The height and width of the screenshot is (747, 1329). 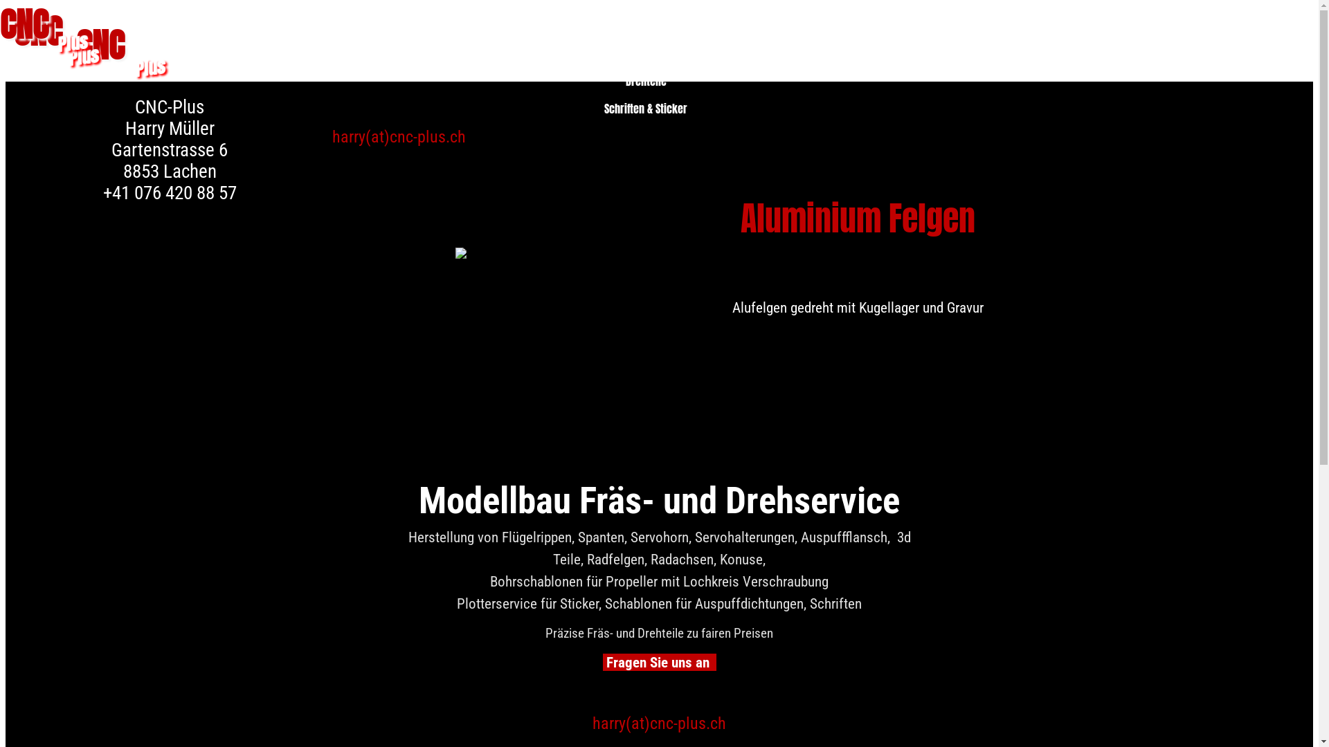 What do you see at coordinates (737, 46) in the screenshot?
I see `'Kontakt'` at bounding box center [737, 46].